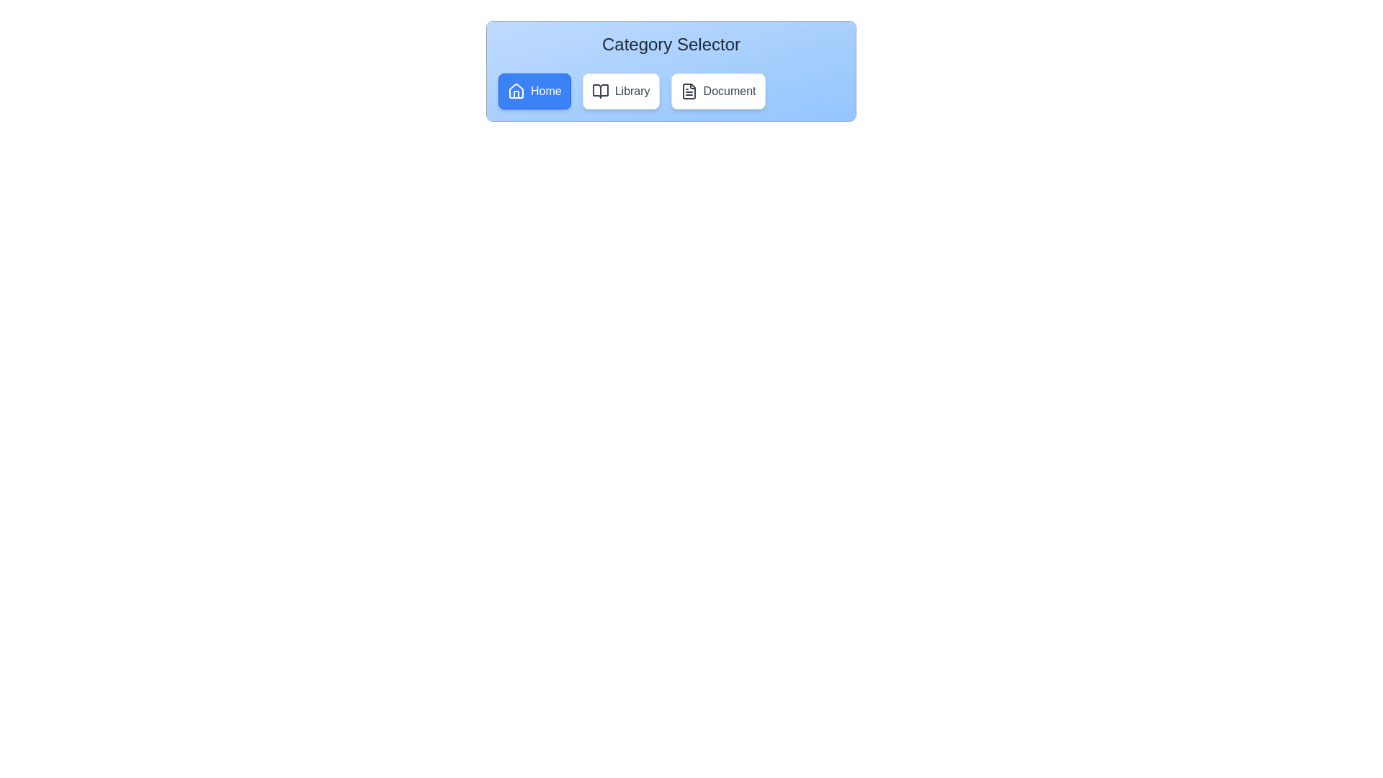 This screenshot has height=778, width=1383. I want to click on the category Home from the available options, so click(534, 91).